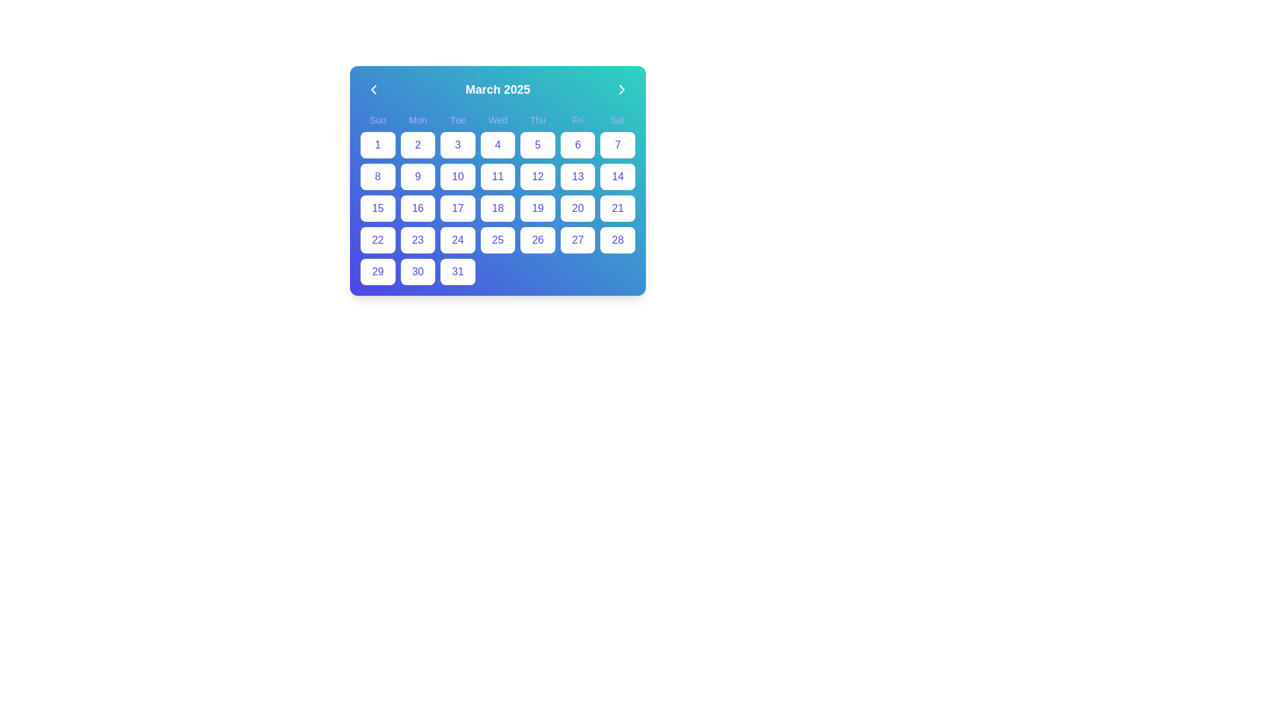  I want to click on the button displaying the number '20' in a calendar interface, so click(577, 208).